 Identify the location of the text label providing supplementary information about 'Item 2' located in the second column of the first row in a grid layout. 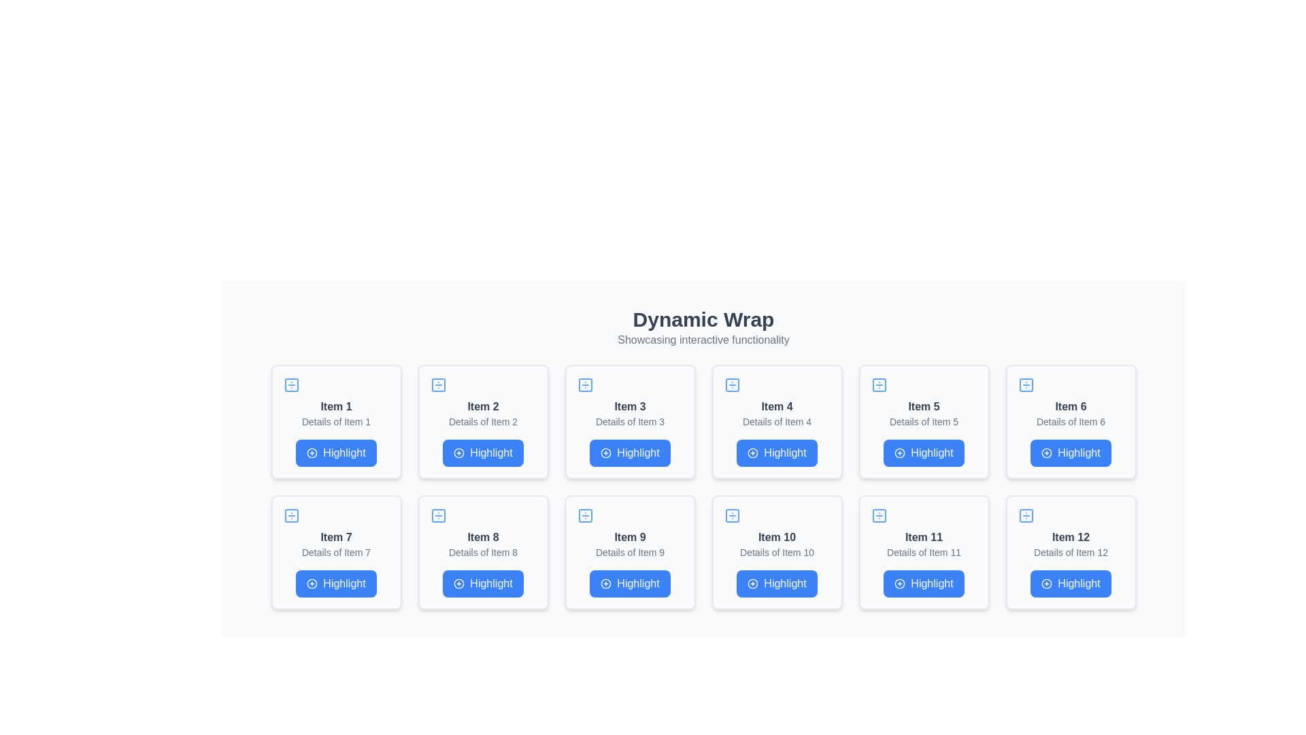
(483, 421).